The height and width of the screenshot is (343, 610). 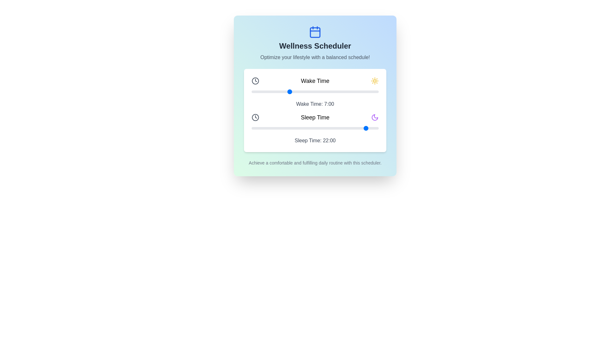 I want to click on the 'Wake Time' text label, which is prominently displayed in a larger font size on the upper section of the white rectangular card interface, located between a clock icon and a sun icon, so click(x=315, y=80).